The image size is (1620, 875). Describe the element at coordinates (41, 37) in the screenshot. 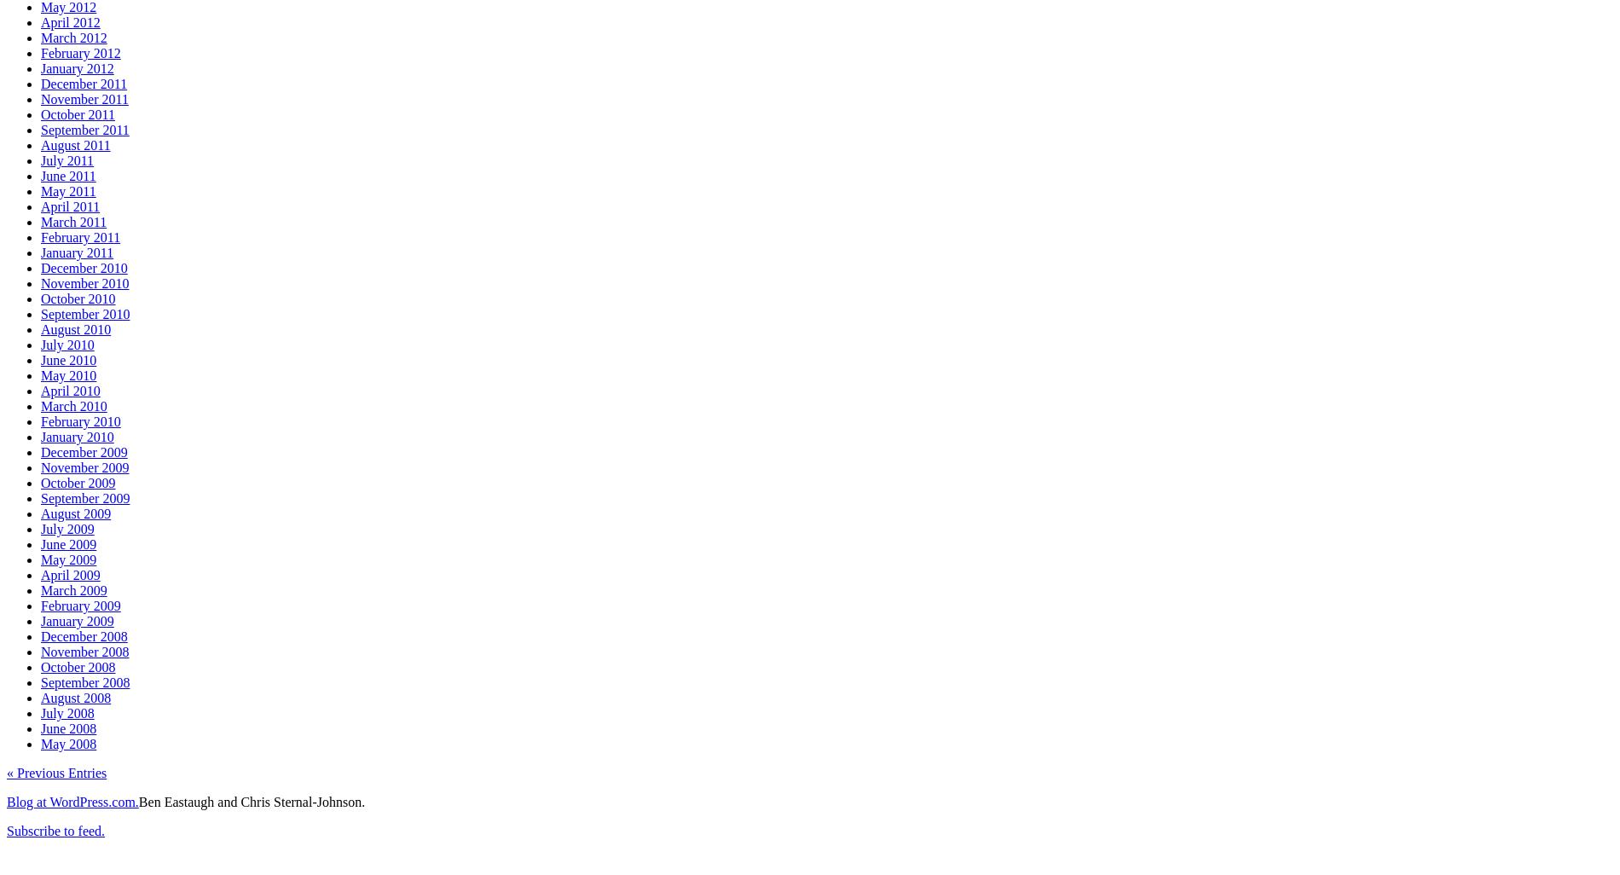

I see `'March 2012'` at that location.